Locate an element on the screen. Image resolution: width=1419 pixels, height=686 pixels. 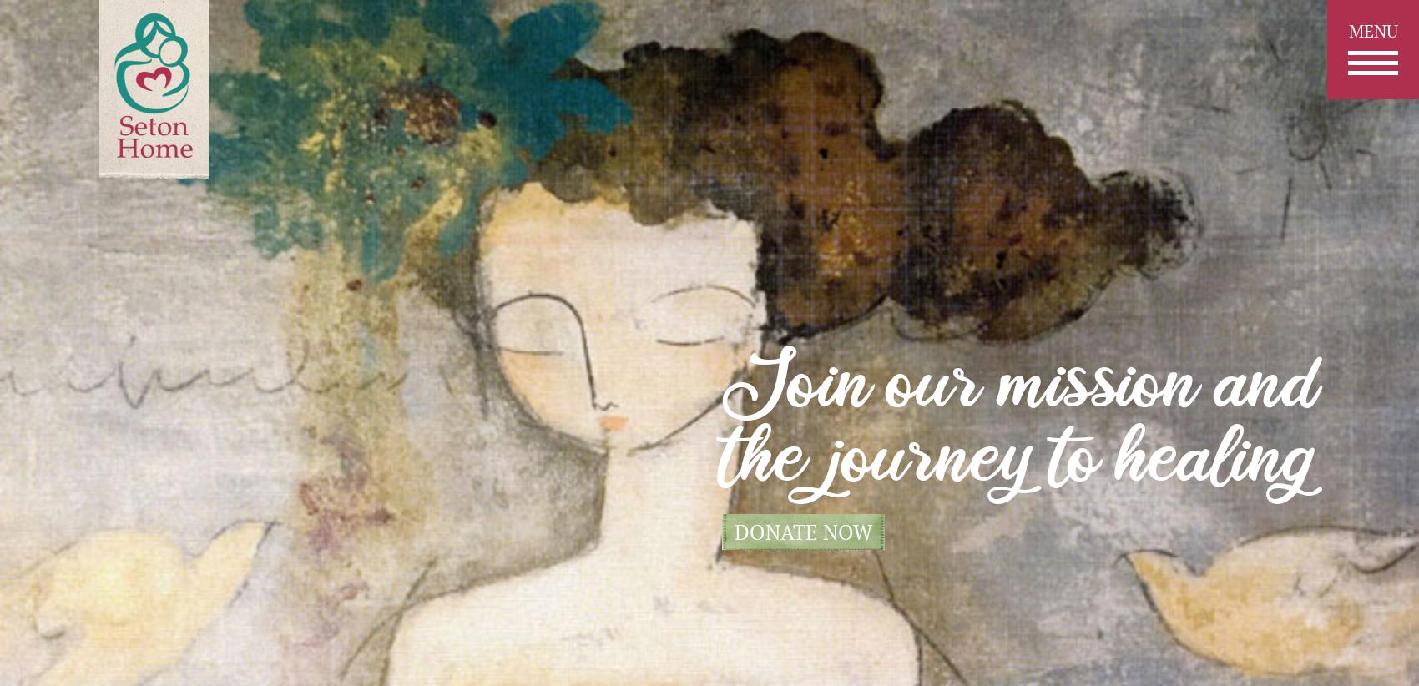
'Leadership' is located at coordinates (709, 342).